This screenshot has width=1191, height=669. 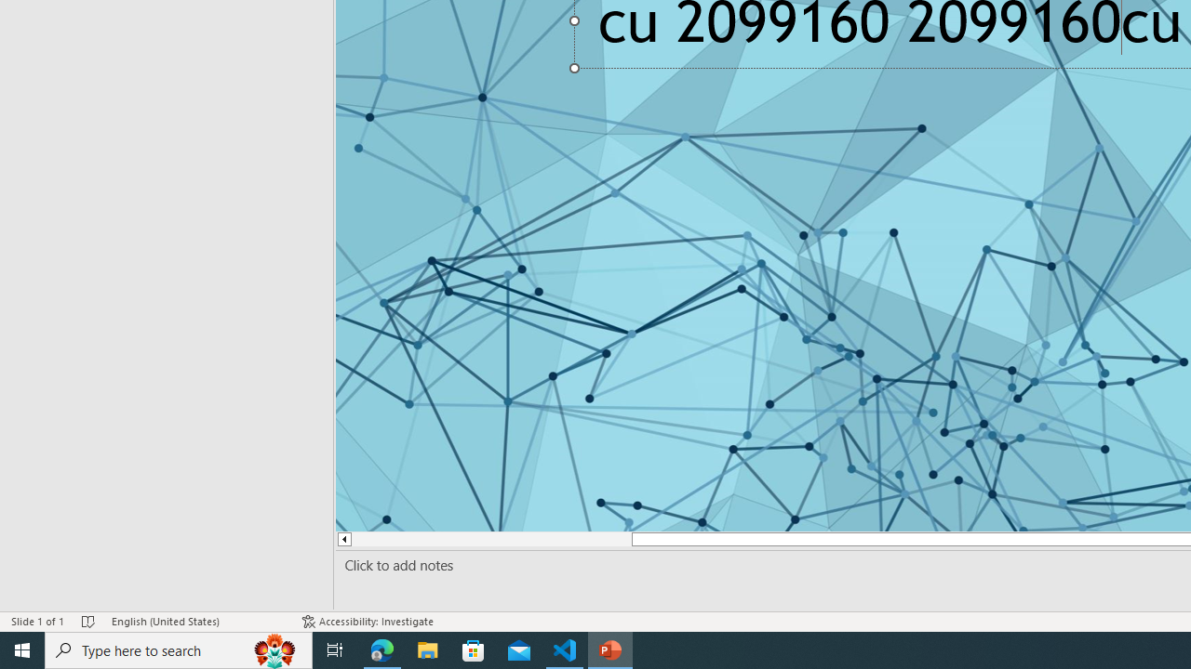 I want to click on 'Spell Check No Errors', so click(x=88, y=622).